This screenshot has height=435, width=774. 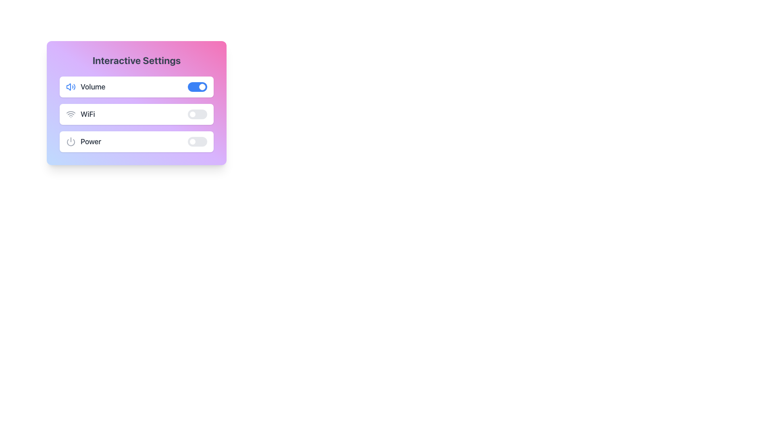 What do you see at coordinates (197, 114) in the screenshot?
I see `the toggle switch` at bounding box center [197, 114].